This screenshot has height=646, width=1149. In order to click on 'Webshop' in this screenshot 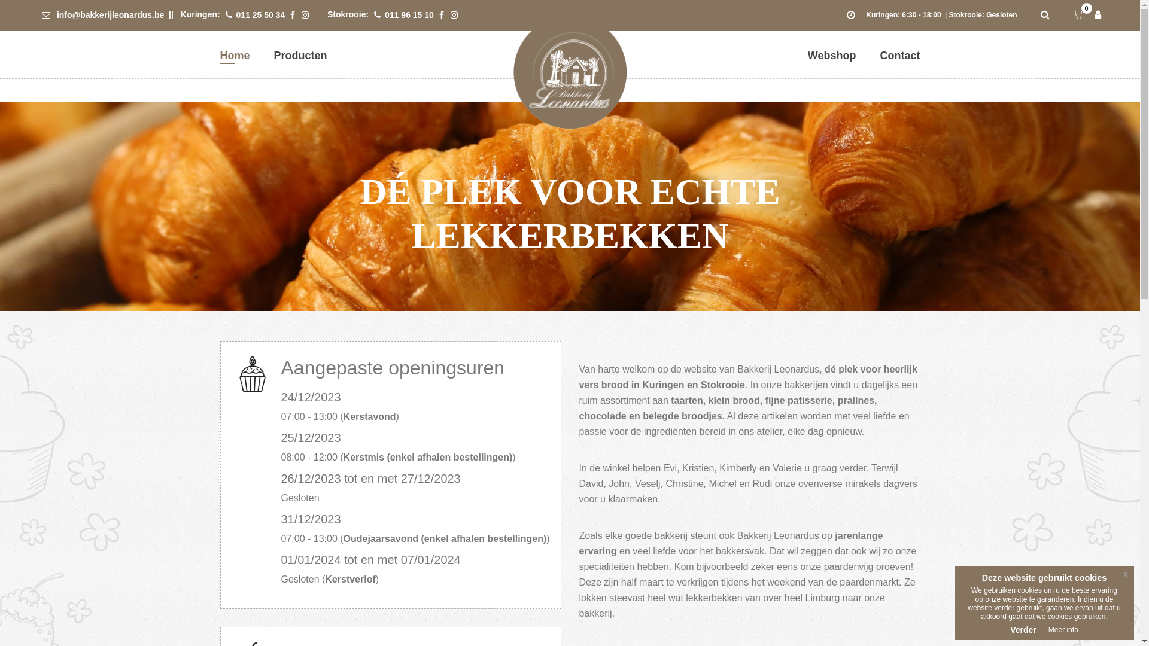, I will do `click(807, 55)`.